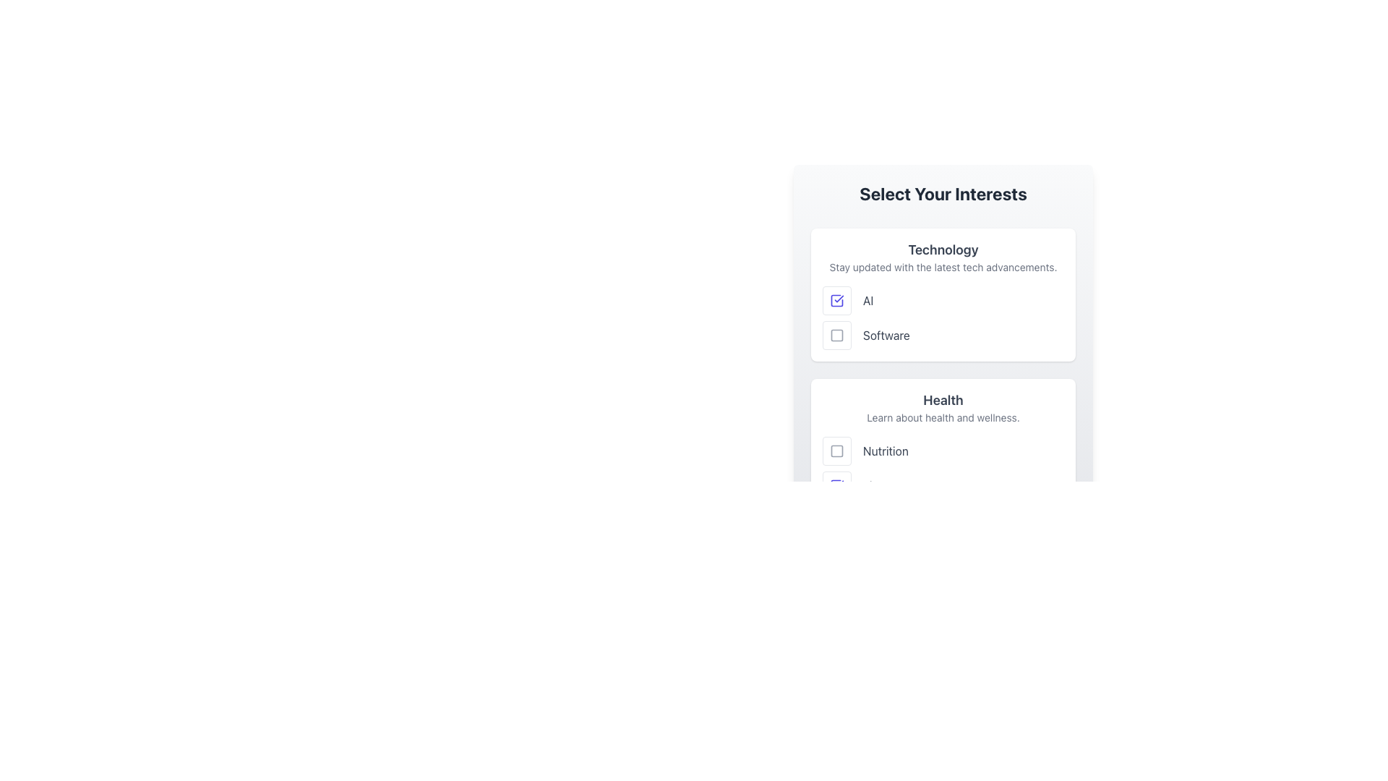 This screenshot has width=1388, height=781. I want to click on the checkbox located to the left of the text 'Nutrition', so click(836, 451).